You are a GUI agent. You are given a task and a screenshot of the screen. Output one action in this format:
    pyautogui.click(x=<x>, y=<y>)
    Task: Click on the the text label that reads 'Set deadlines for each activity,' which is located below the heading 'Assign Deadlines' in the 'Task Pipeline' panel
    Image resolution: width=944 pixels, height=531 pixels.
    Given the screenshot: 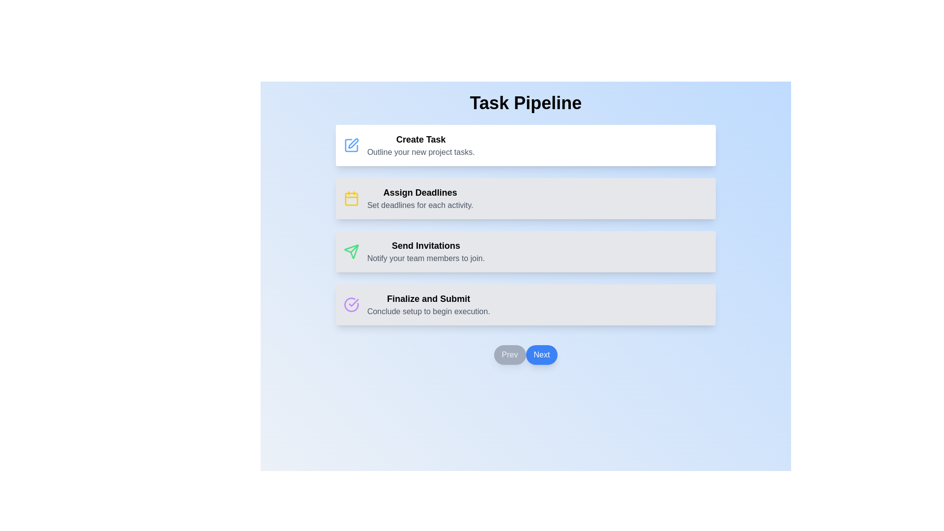 What is the action you would take?
    pyautogui.click(x=420, y=205)
    